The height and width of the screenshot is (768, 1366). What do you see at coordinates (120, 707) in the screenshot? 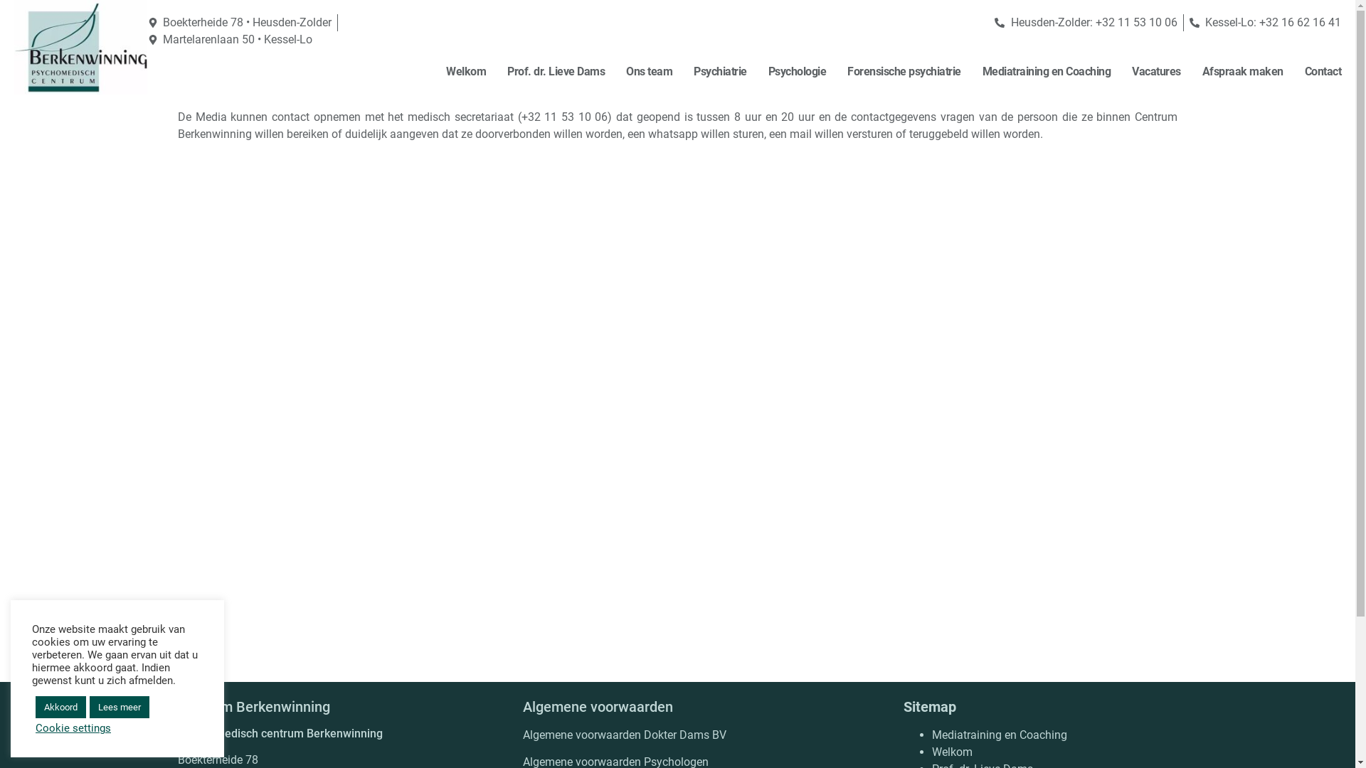
I see `'Lees meer'` at bounding box center [120, 707].